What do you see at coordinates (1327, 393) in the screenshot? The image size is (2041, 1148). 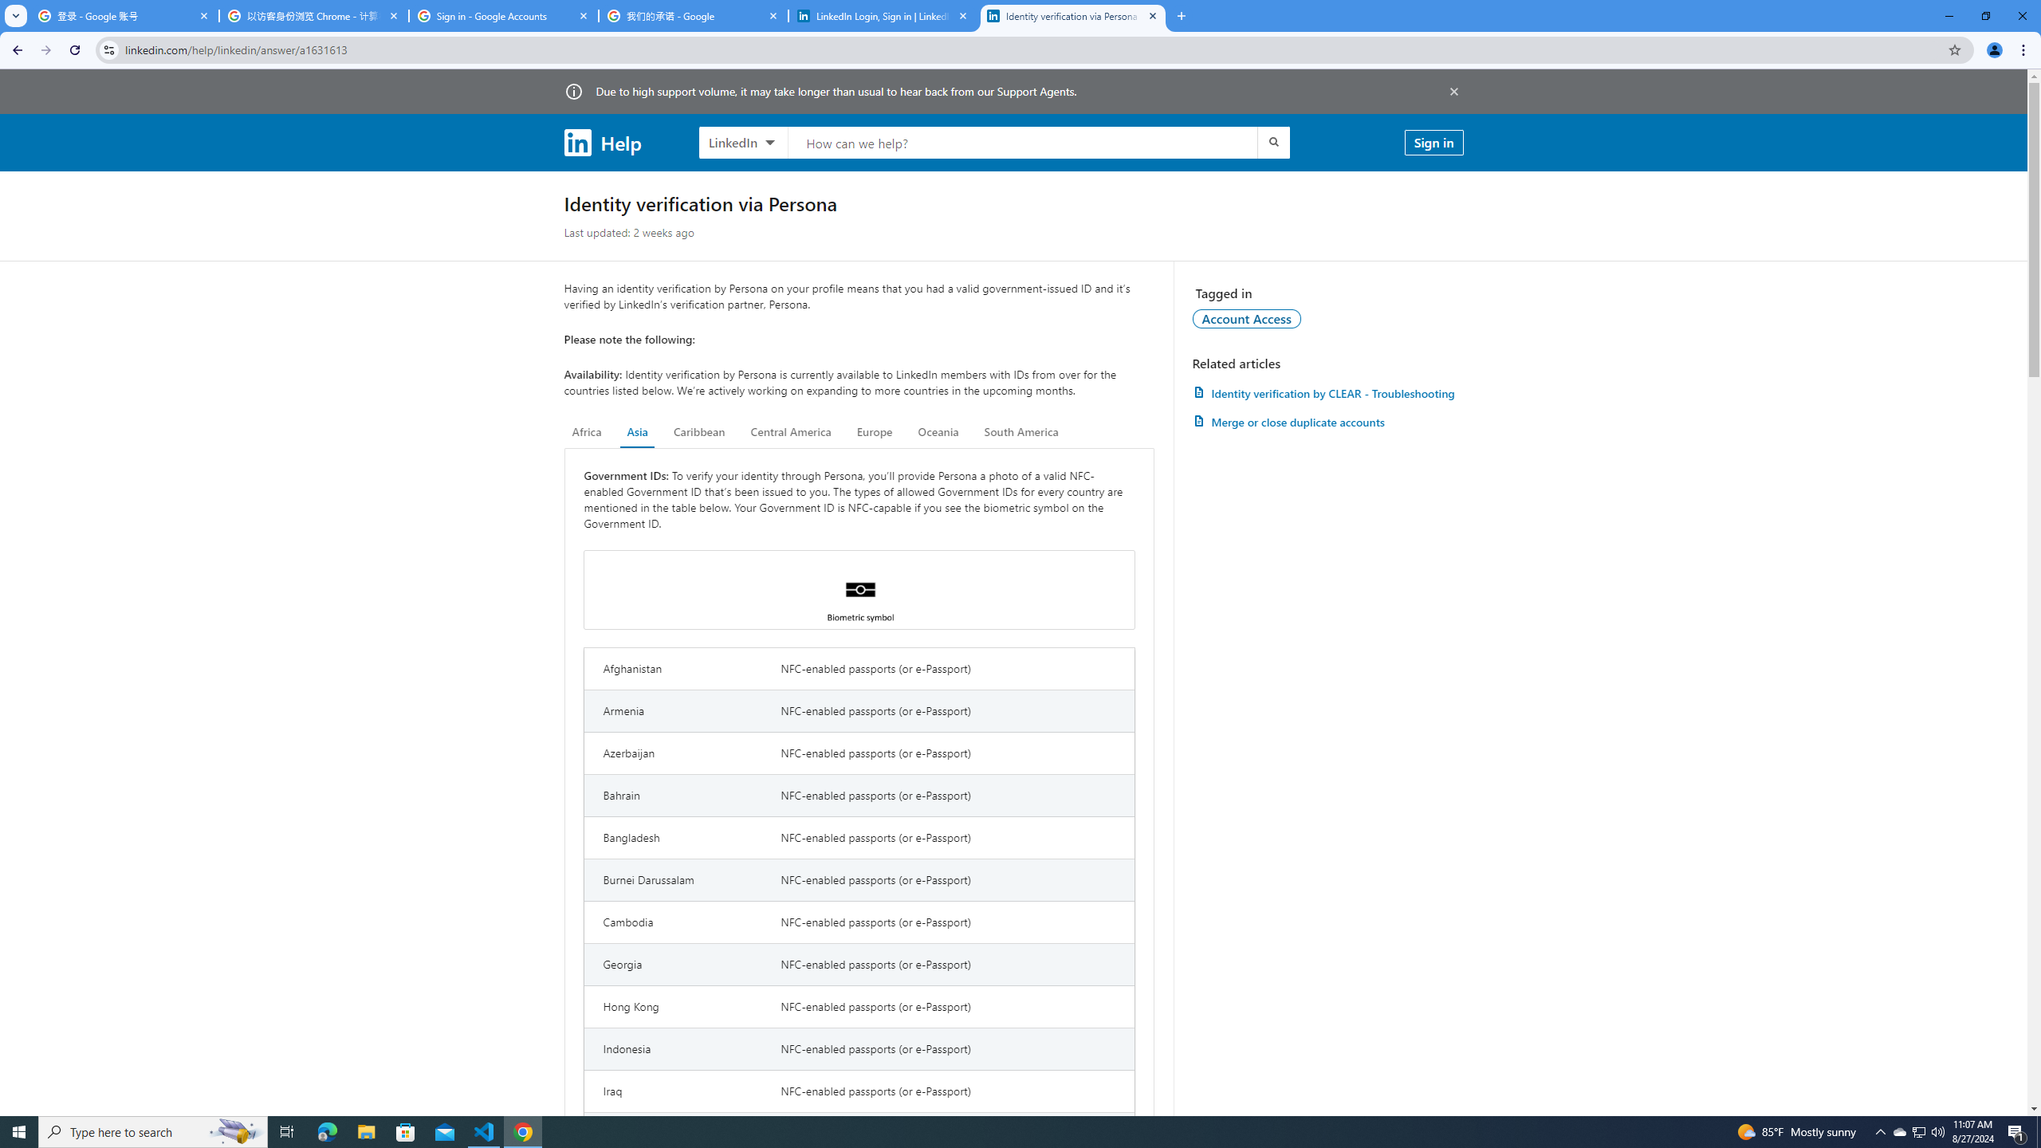 I see `'Identity verification by CLEAR - Troubleshooting'` at bounding box center [1327, 393].